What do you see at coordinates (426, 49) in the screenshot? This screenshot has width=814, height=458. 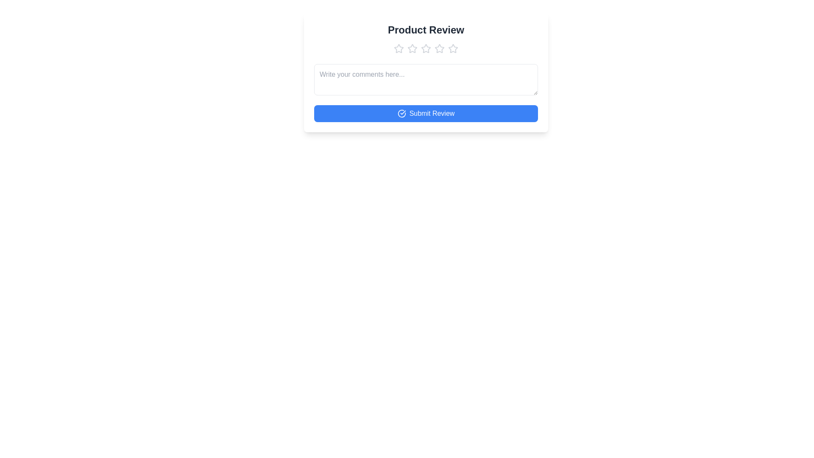 I see `the star corresponding to the desired rating 3` at bounding box center [426, 49].